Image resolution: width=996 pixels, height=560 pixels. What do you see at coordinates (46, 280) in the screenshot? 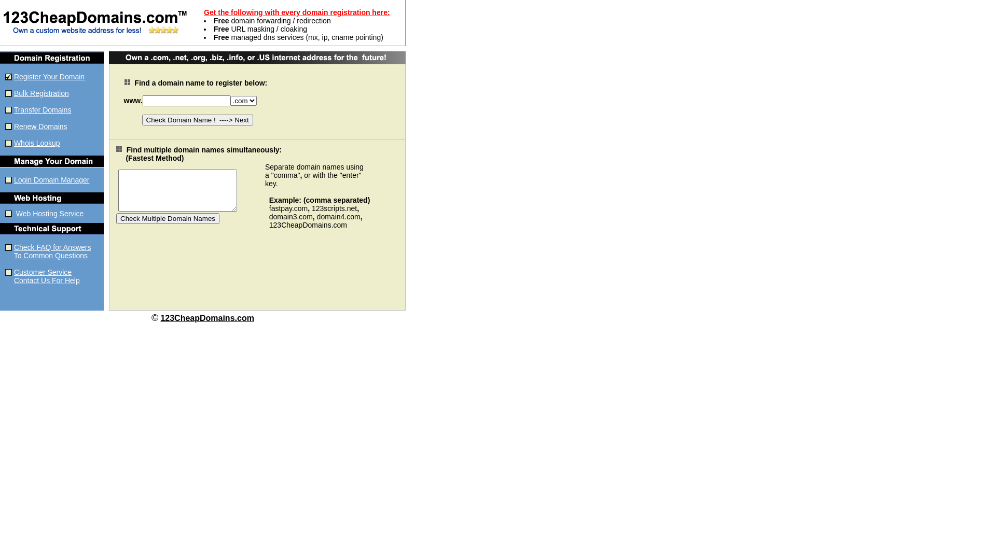
I see `'Contact Us For Help'` at bounding box center [46, 280].